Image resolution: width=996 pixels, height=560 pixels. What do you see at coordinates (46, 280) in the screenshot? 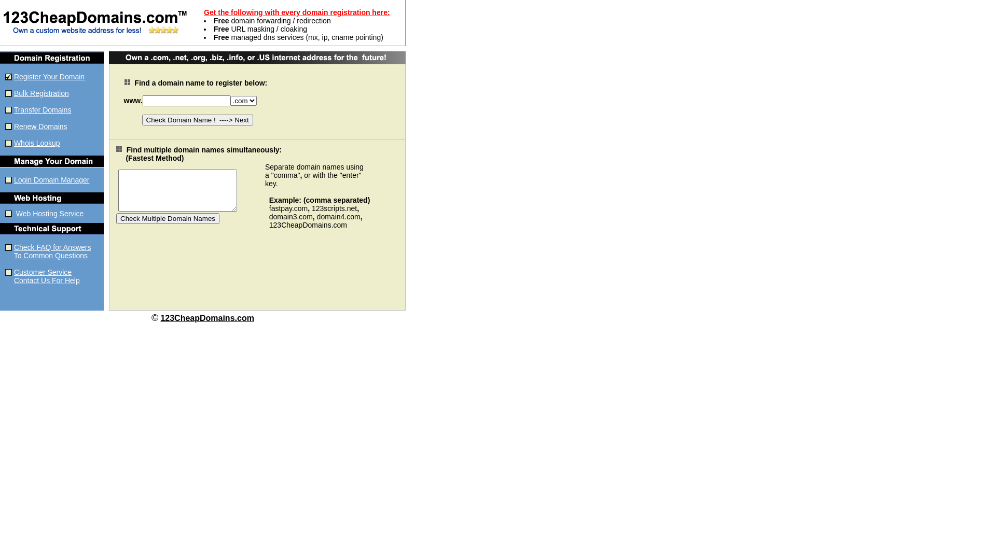
I see `'Contact Us For Help'` at bounding box center [46, 280].